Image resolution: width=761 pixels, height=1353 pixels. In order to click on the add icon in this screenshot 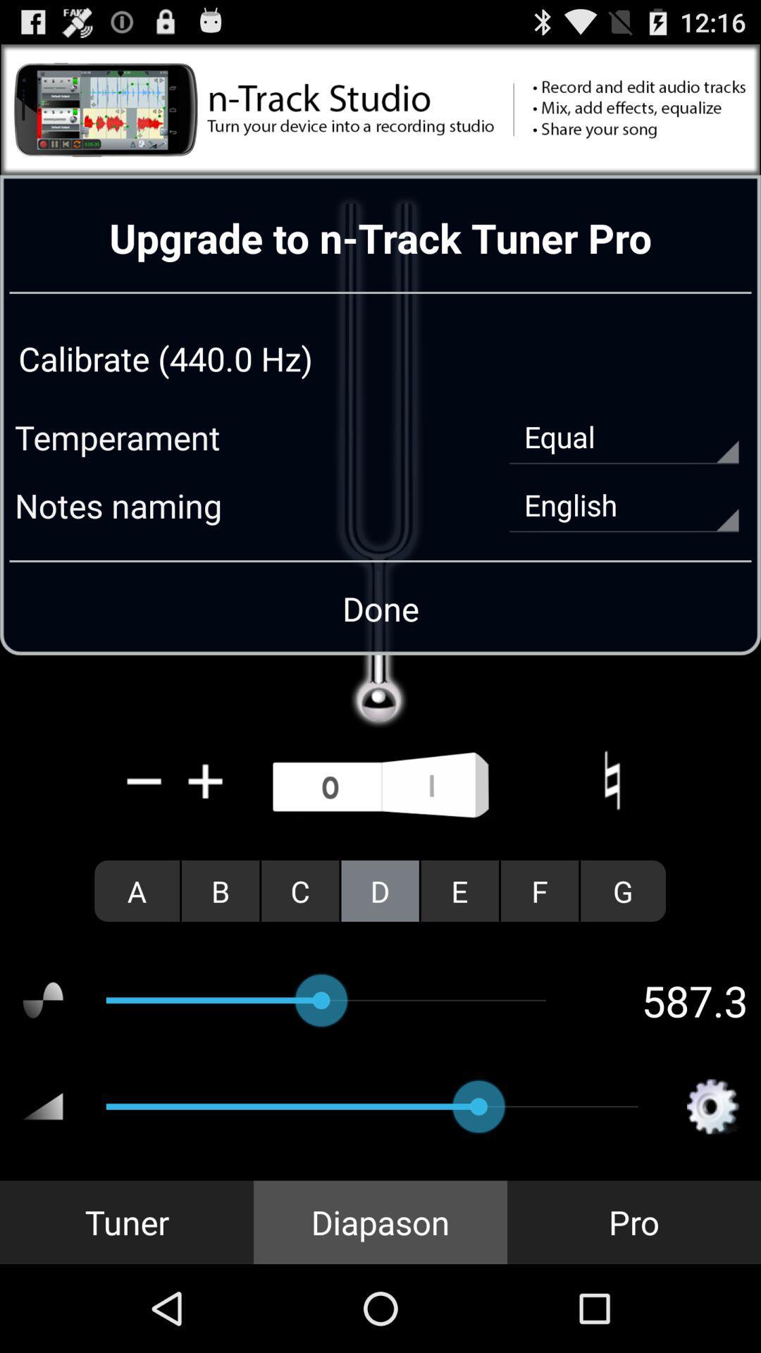, I will do `click(206, 835)`.